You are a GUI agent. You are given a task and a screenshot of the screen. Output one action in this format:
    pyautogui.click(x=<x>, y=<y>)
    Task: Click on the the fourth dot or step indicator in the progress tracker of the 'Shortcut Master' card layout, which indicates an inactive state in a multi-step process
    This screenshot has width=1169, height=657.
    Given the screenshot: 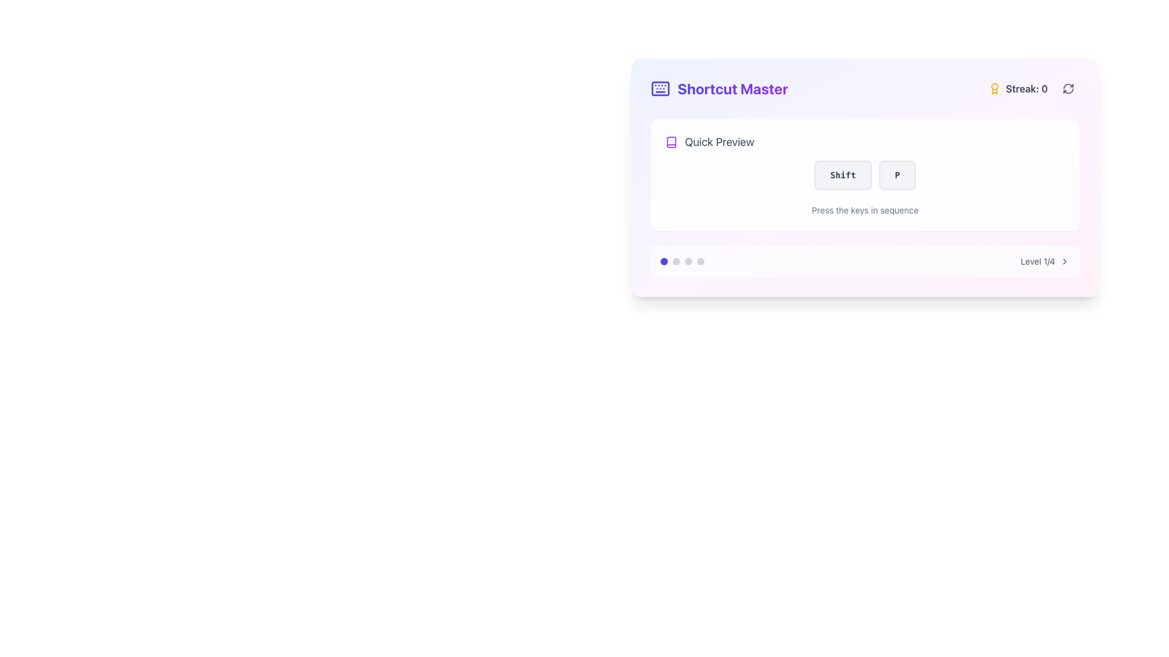 What is the action you would take?
    pyautogui.click(x=701, y=260)
    